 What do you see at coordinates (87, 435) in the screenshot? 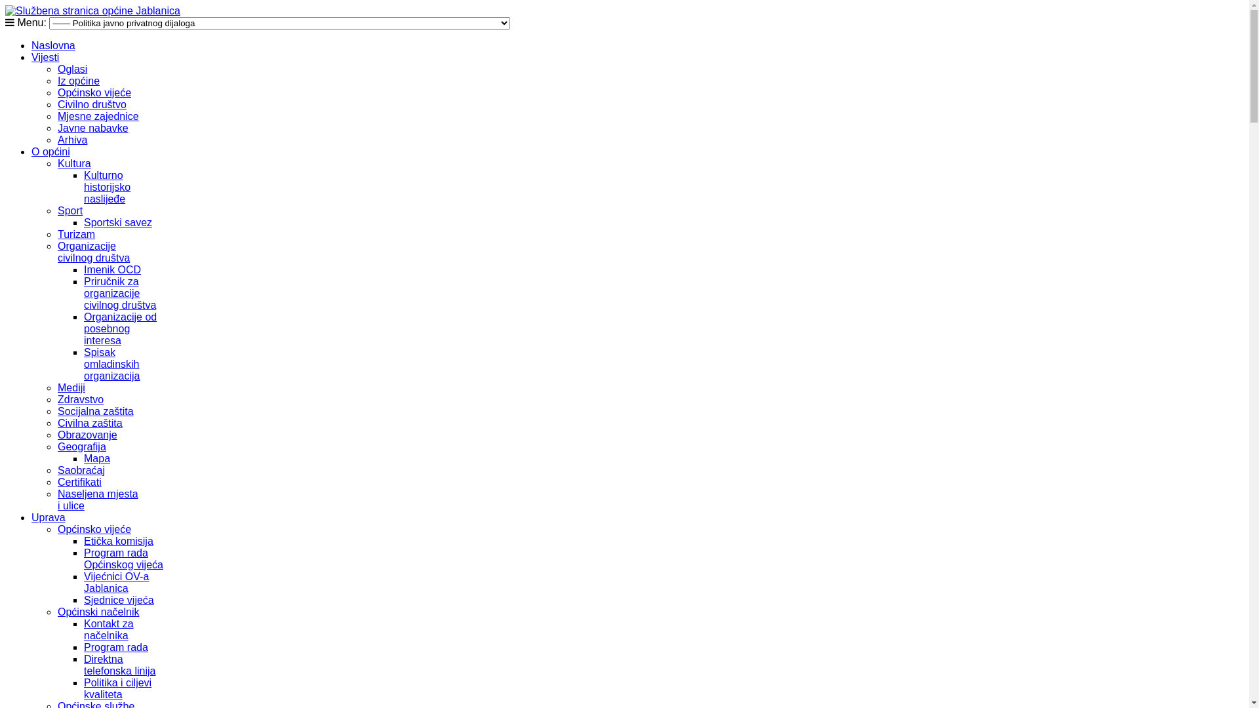
I see `'Obrazovanje'` at bounding box center [87, 435].